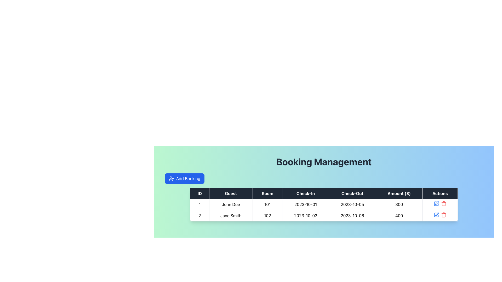 The width and height of the screenshot is (502, 282). Describe the element at coordinates (184, 178) in the screenshot. I see `the 'Add Booking' button located below the 'Booking Management' heading to initiate the booking addition process` at that location.